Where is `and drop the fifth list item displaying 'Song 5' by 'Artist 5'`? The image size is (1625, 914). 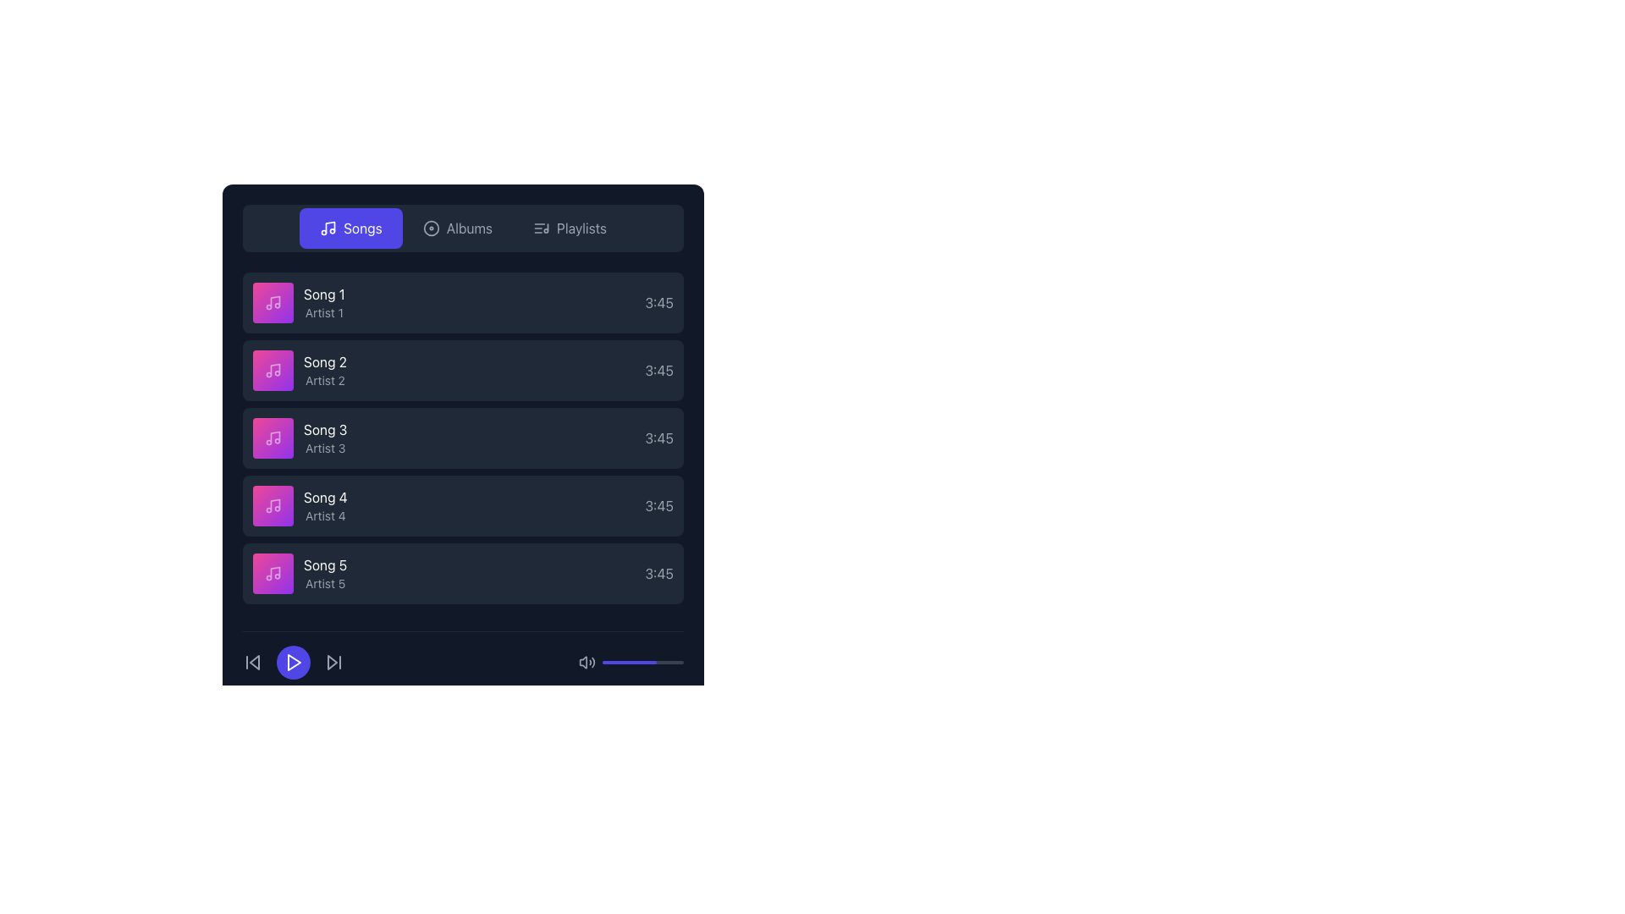
and drop the fifth list item displaying 'Song 5' by 'Artist 5' is located at coordinates (300, 573).